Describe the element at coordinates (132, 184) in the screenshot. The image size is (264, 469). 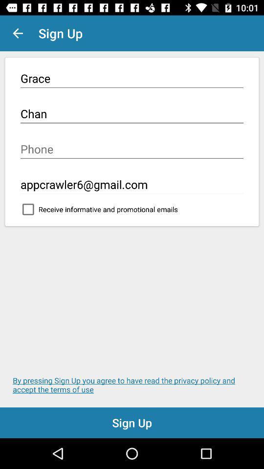
I see `the text which is immediately below the phone` at that location.